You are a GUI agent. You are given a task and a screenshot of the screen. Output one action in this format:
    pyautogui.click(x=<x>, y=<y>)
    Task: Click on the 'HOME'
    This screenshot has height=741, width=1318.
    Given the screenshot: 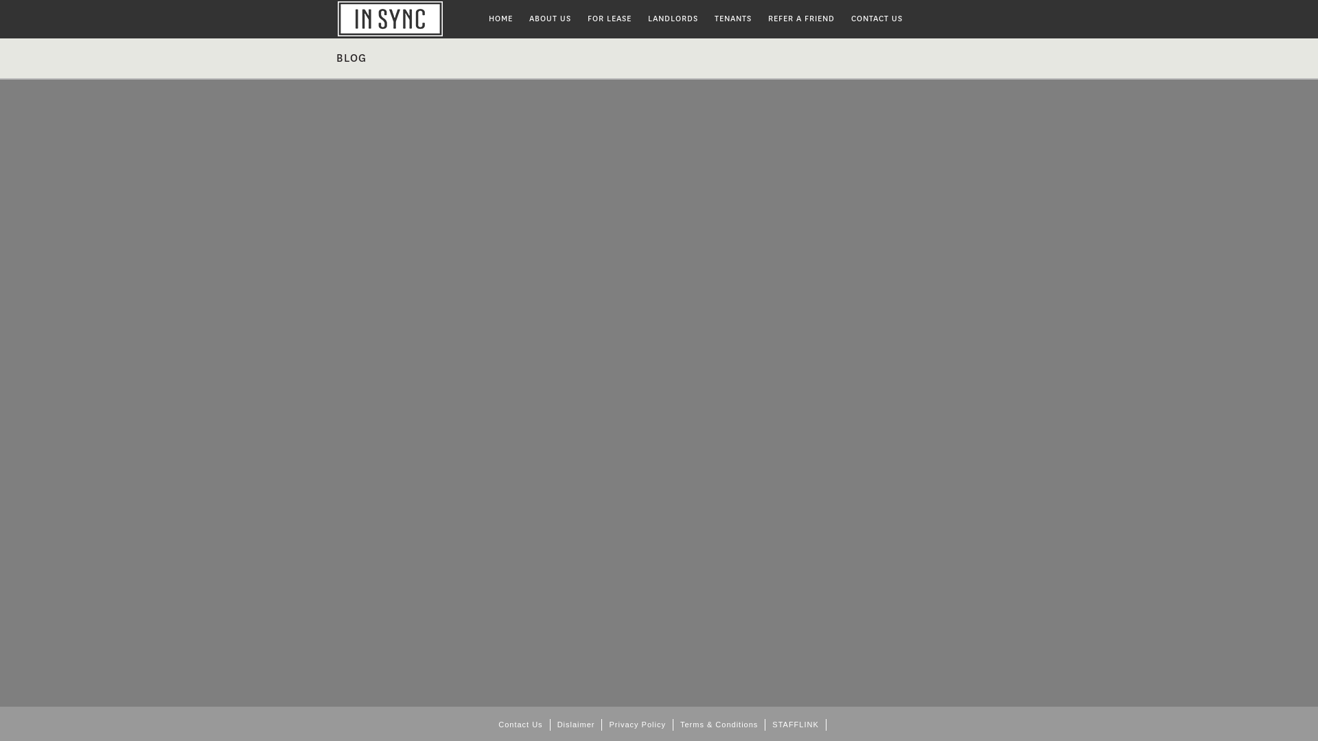 What is the action you would take?
    pyautogui.click(x=408, y=19)
    